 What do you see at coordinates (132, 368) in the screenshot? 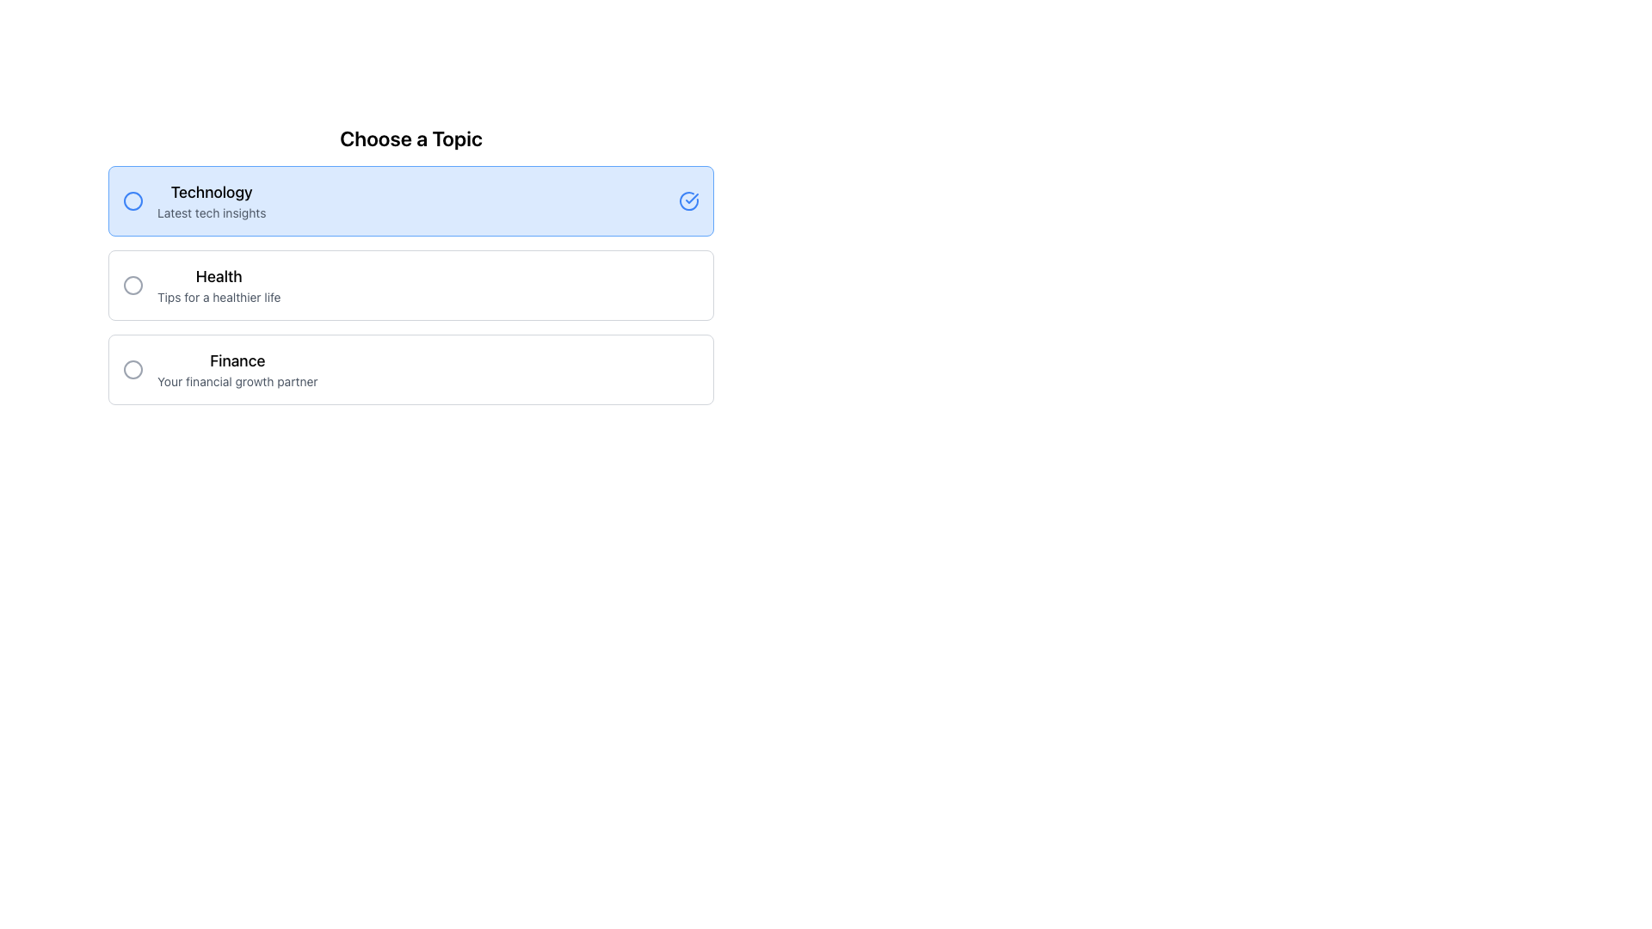
I see `the 'Finance' icon located to the left of the text 'Finance Your financial growth partner'` at bounding box center [132, 368].